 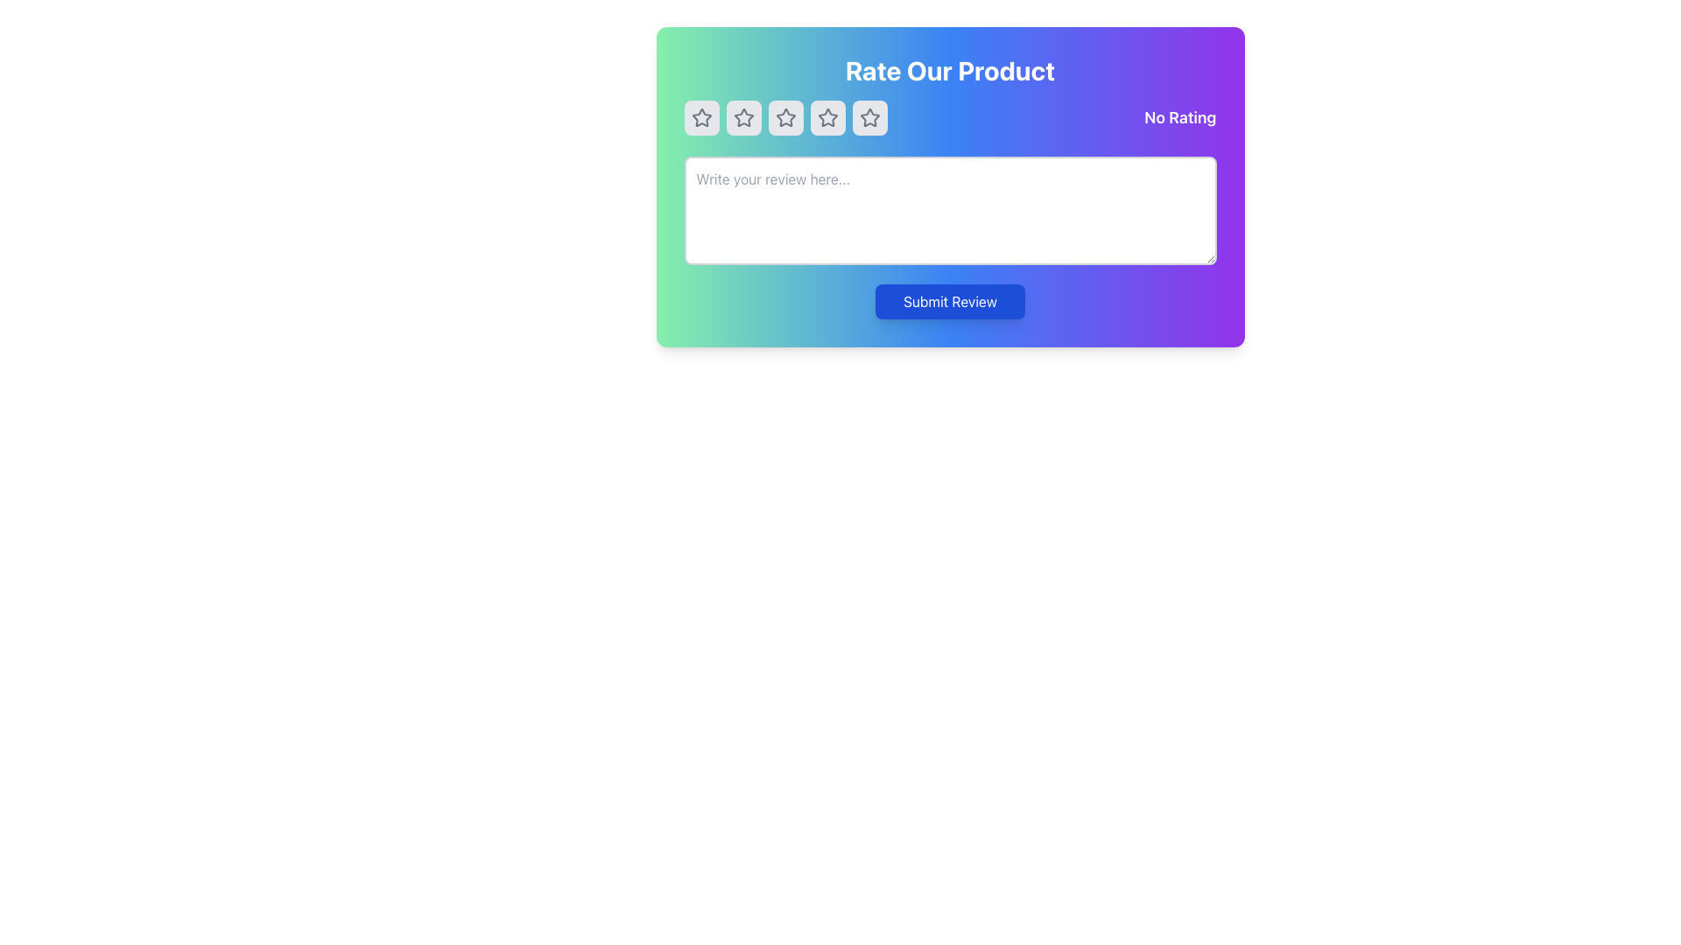 What do you see at coordinates (784, 118) in the screenshot?
I see `the third star icon in the interactive star rating button row` at bounding box center [784, 118].